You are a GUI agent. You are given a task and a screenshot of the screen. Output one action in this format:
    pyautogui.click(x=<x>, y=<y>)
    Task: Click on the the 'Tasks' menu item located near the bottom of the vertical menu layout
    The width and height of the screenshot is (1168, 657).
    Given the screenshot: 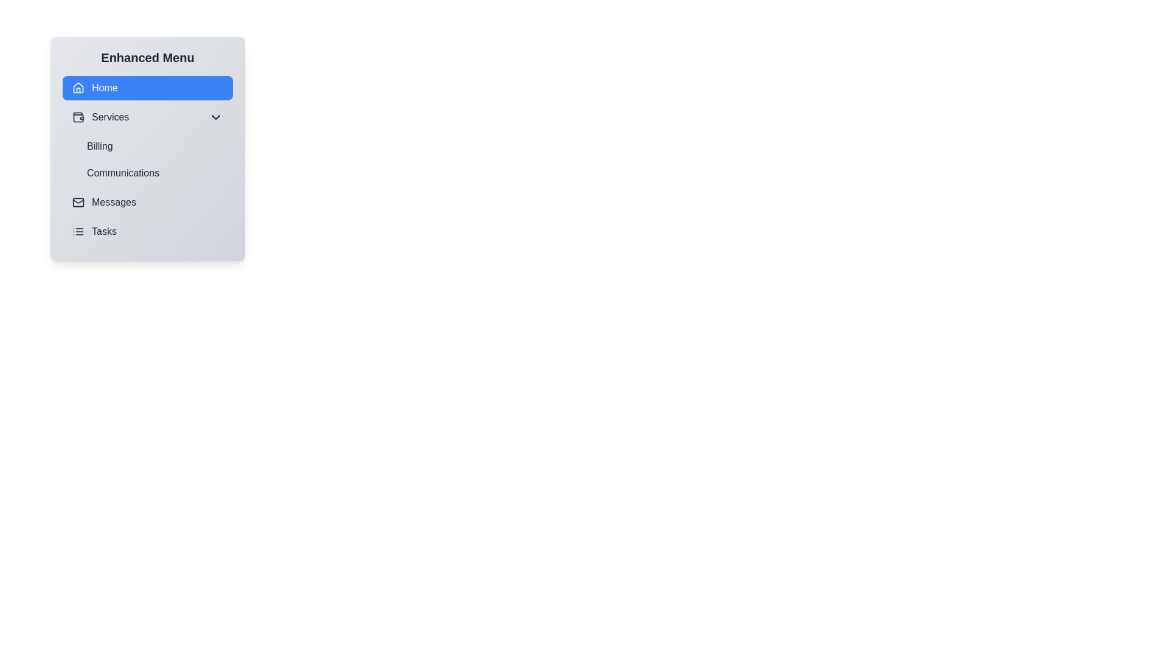 What is the action you would take?
    pyautogui.click(x=93, y=232)
    